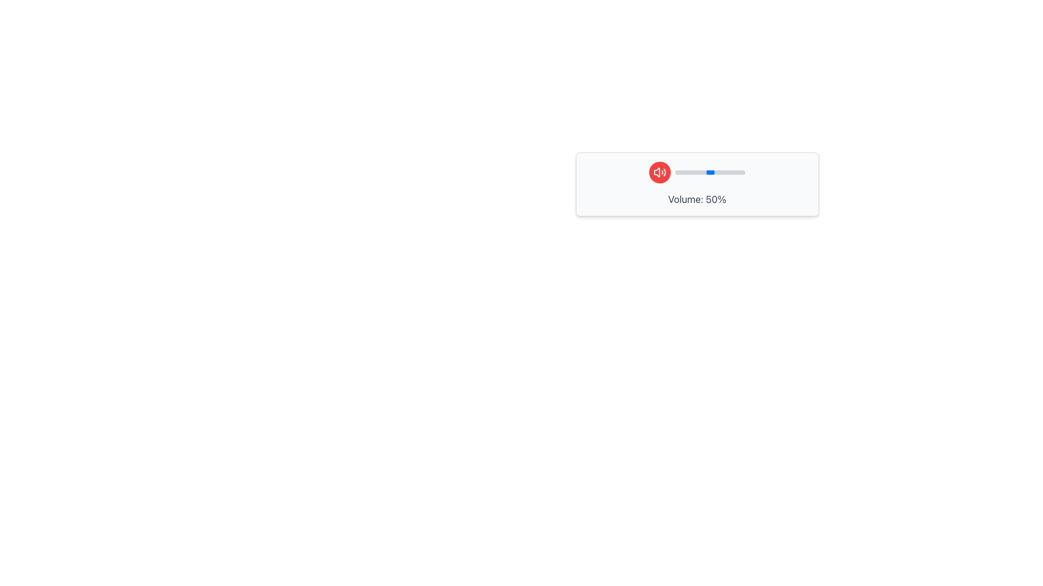  I want to click on volume, so click(706, 171).